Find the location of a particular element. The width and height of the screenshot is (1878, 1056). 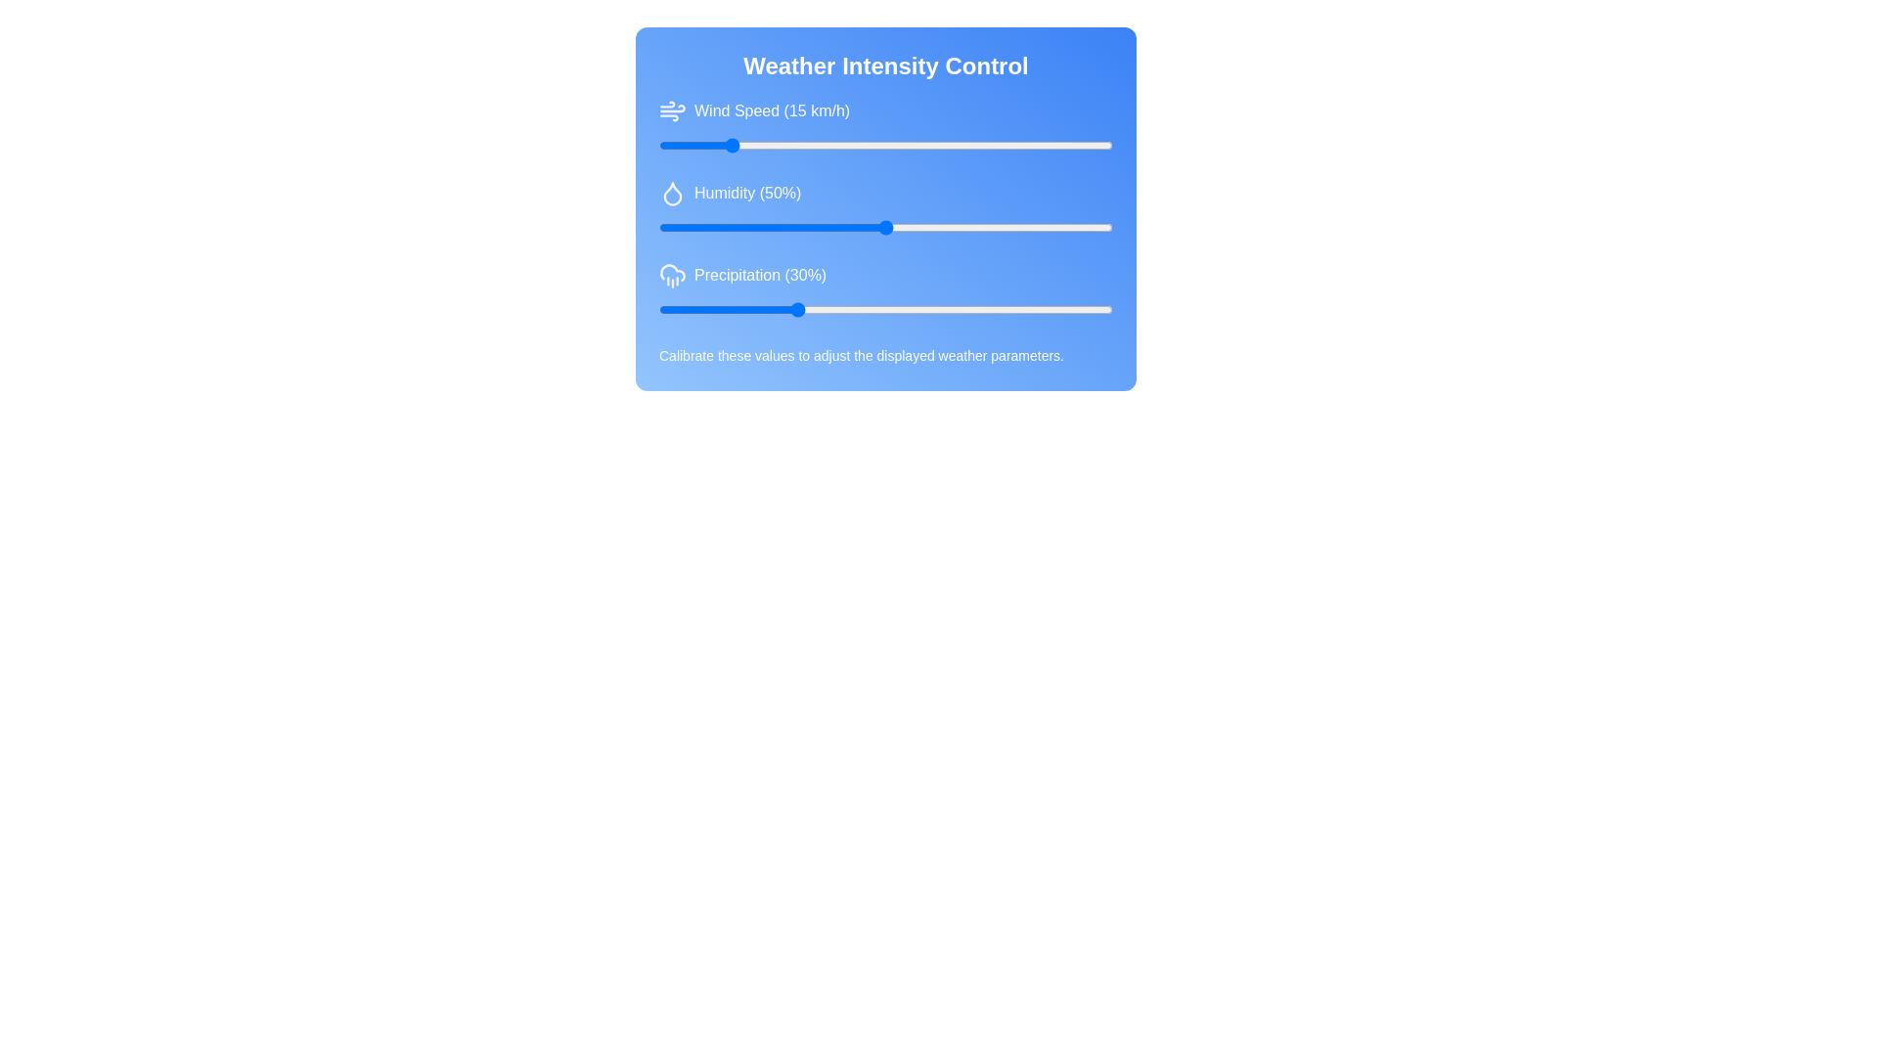

the wind speed is located at coordinates (699, 145).